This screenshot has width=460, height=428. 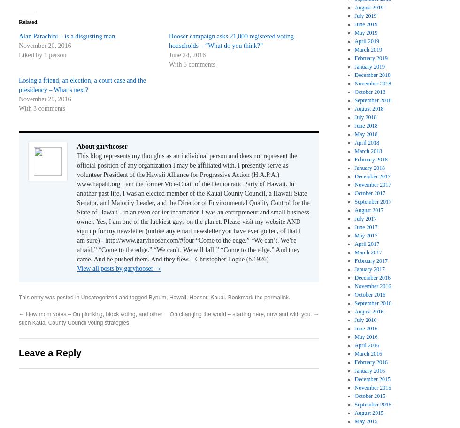 What do you see at coordinates (169, 313) in the screenshot?
I see `'On changing the world – starting here, now and with you.'` at bounding box center [169, 313].